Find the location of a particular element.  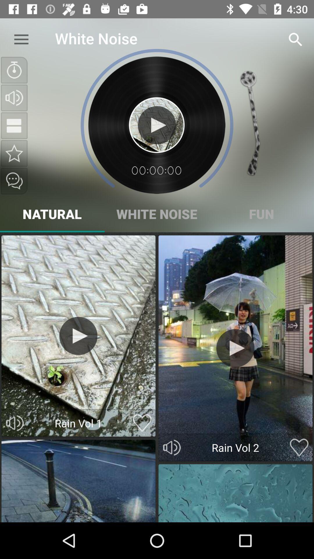

the volume icon is located at coordinates (14, 98).